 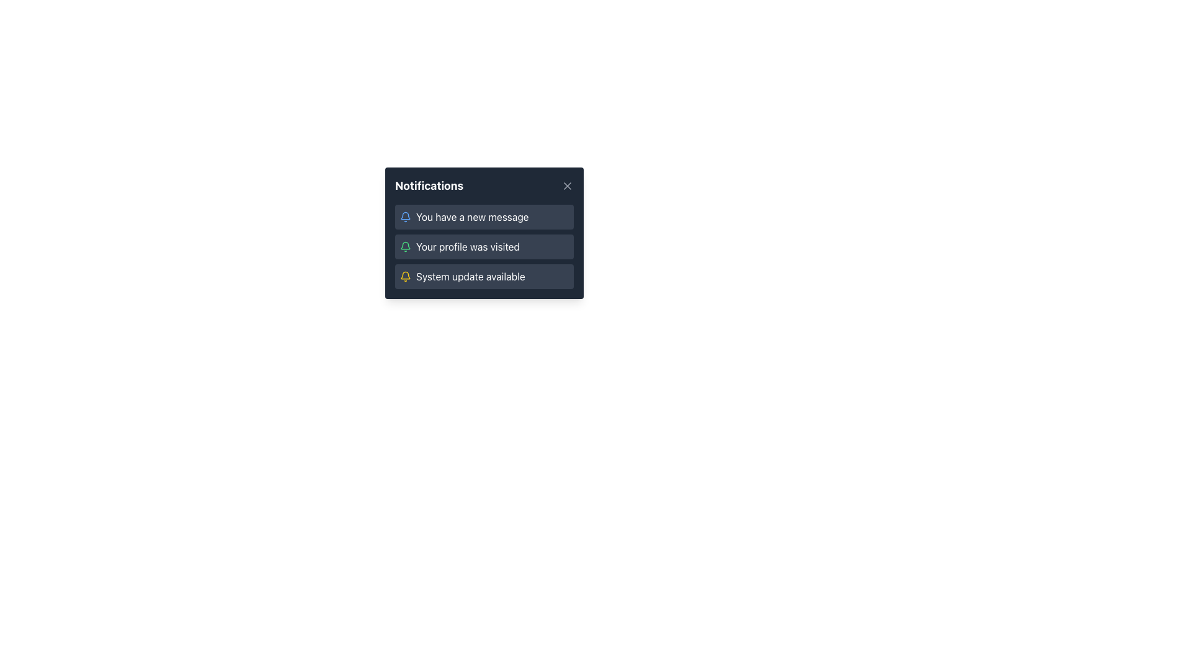 What do you see at coordinates (471, 217) in the screenshot?
I see `the text element displaying 'You have a new message', which is styled in light-colored text on a dark blue background, located next to a bell icon in the notifications list` at bounding box center [471, 217].